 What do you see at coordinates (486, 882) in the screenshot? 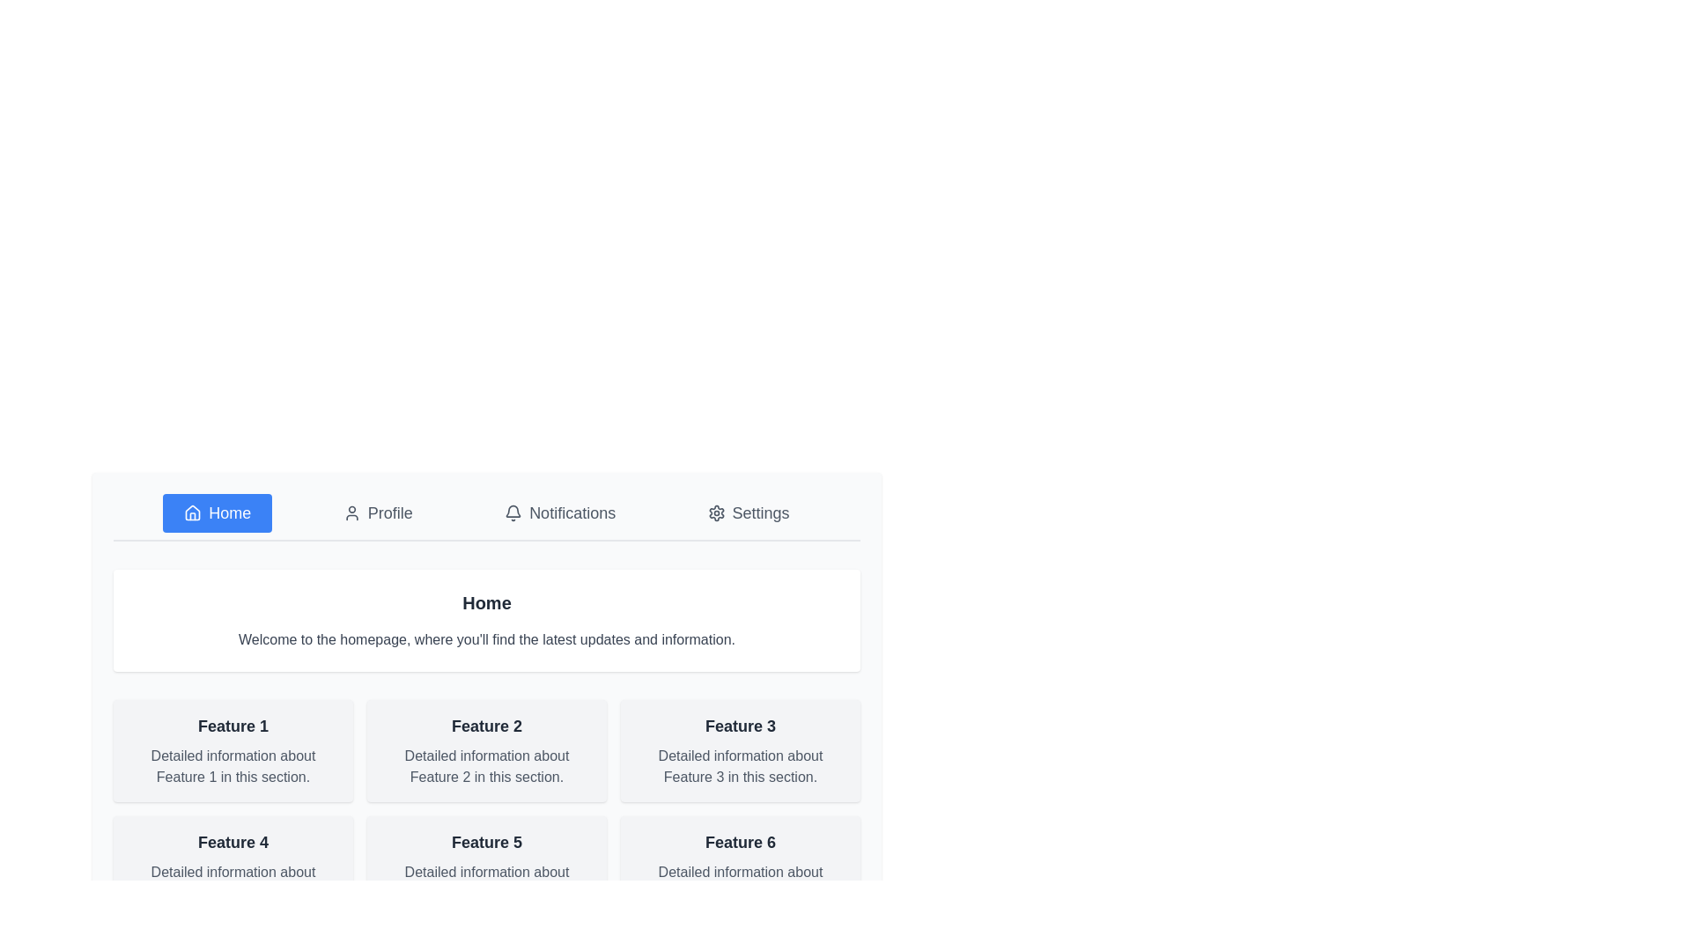
I see `text label providing additional details for 'Feature 5', located beneath the bold title in the second row and second column of the layout` at bounding box center [486, 882].